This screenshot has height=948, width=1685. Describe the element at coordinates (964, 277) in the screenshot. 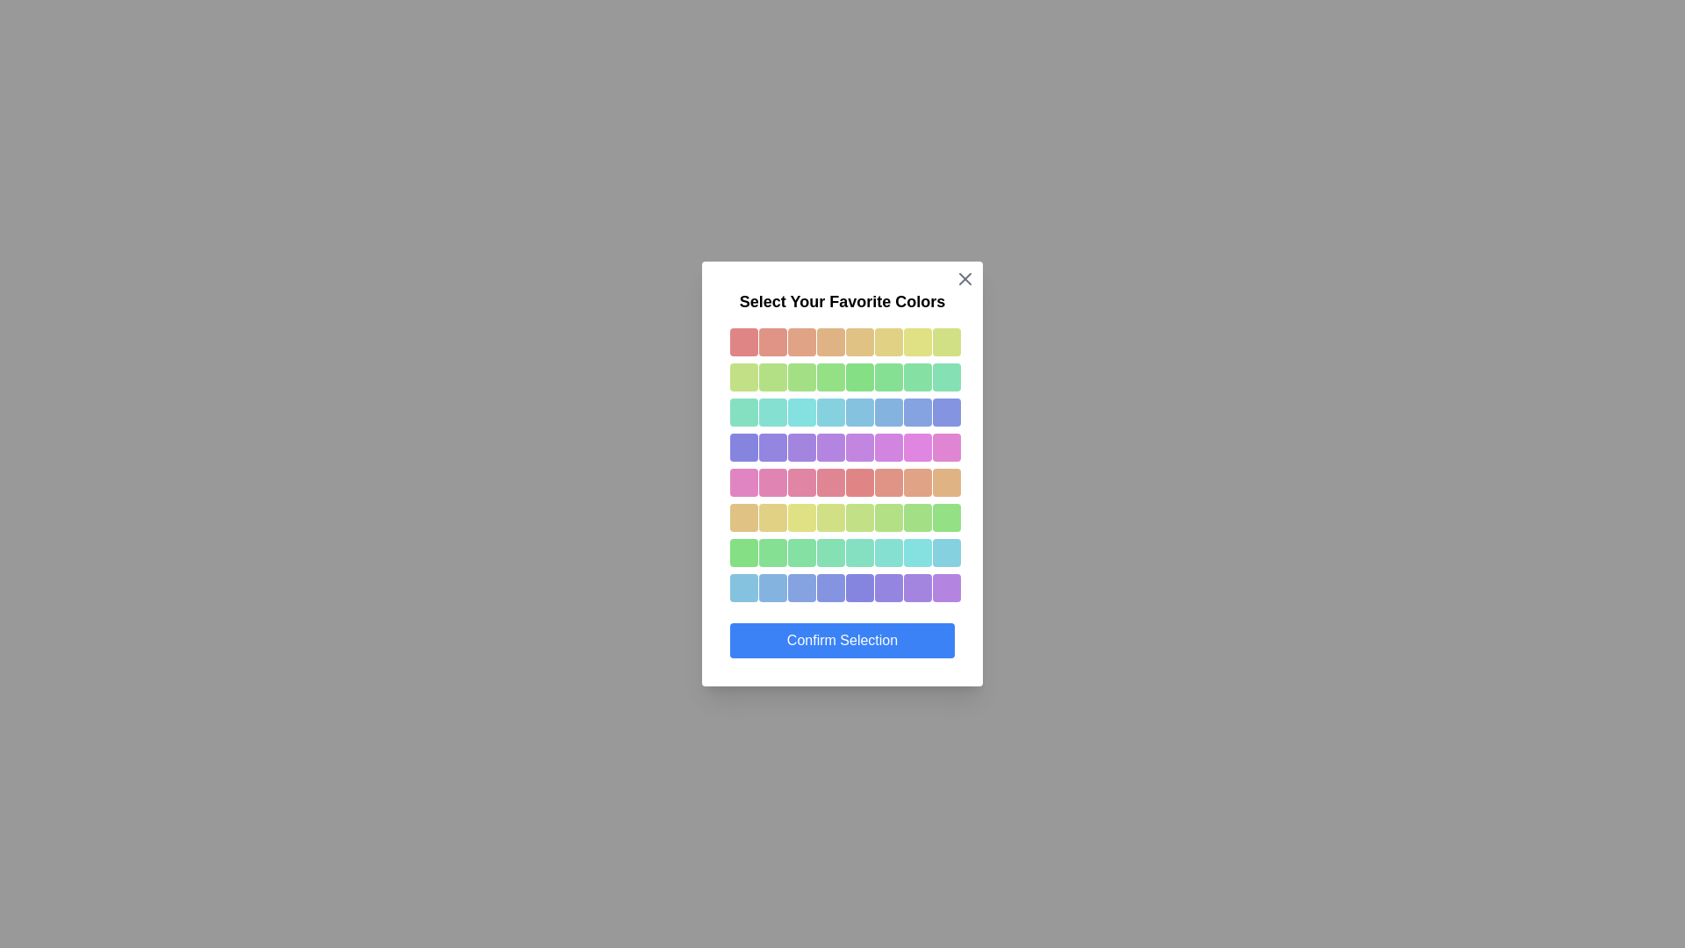

I see `the close button to dismiss the dialog` at that location.